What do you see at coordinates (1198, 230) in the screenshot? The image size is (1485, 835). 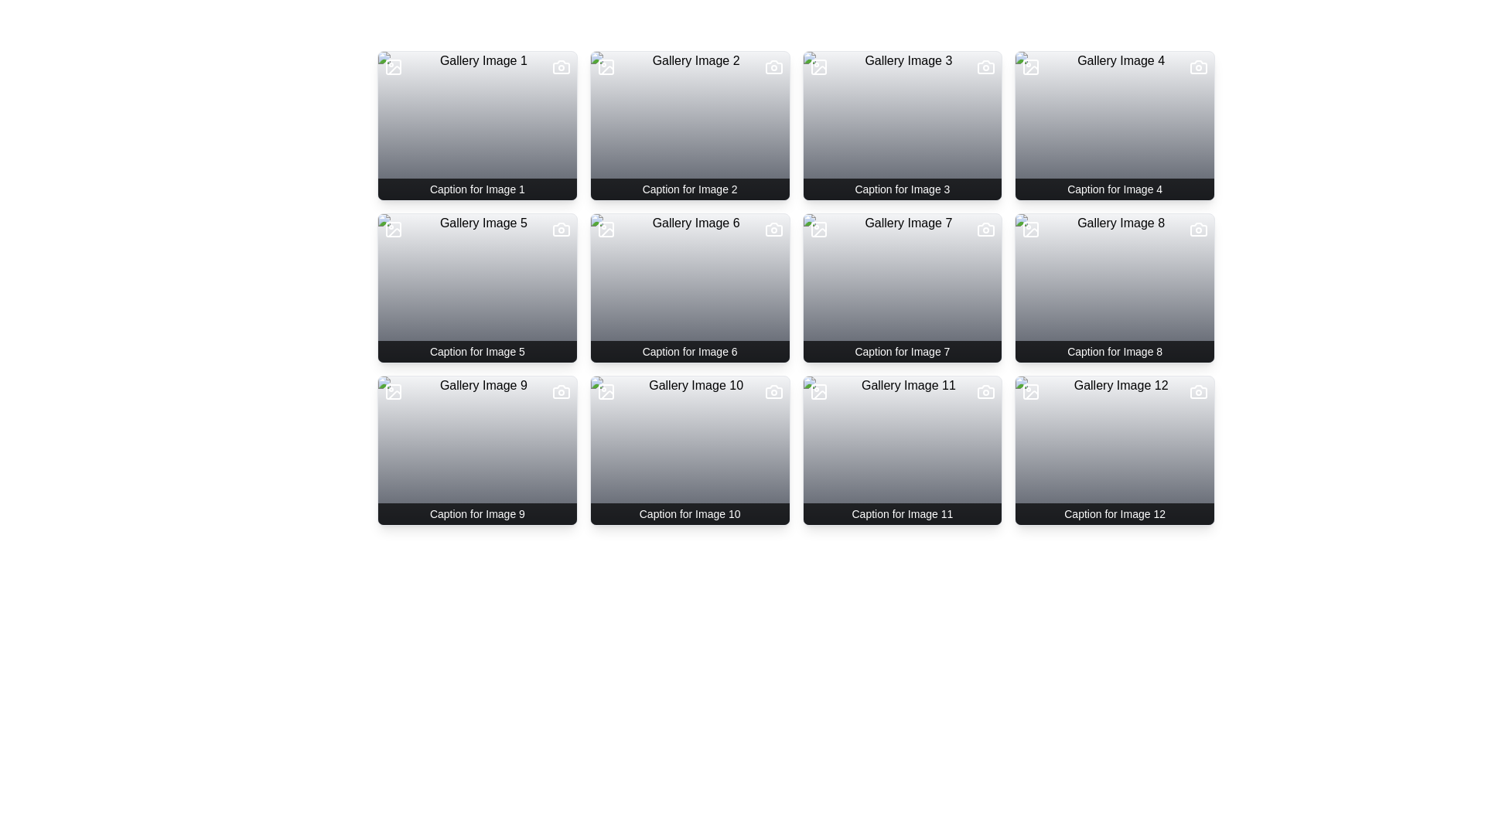 I see `the camera icon located in the top-right corner of the 'Gallery Image 8' tile, which is part of the grid layout in the fourth column and second row` at bounding box center [1198, 230].